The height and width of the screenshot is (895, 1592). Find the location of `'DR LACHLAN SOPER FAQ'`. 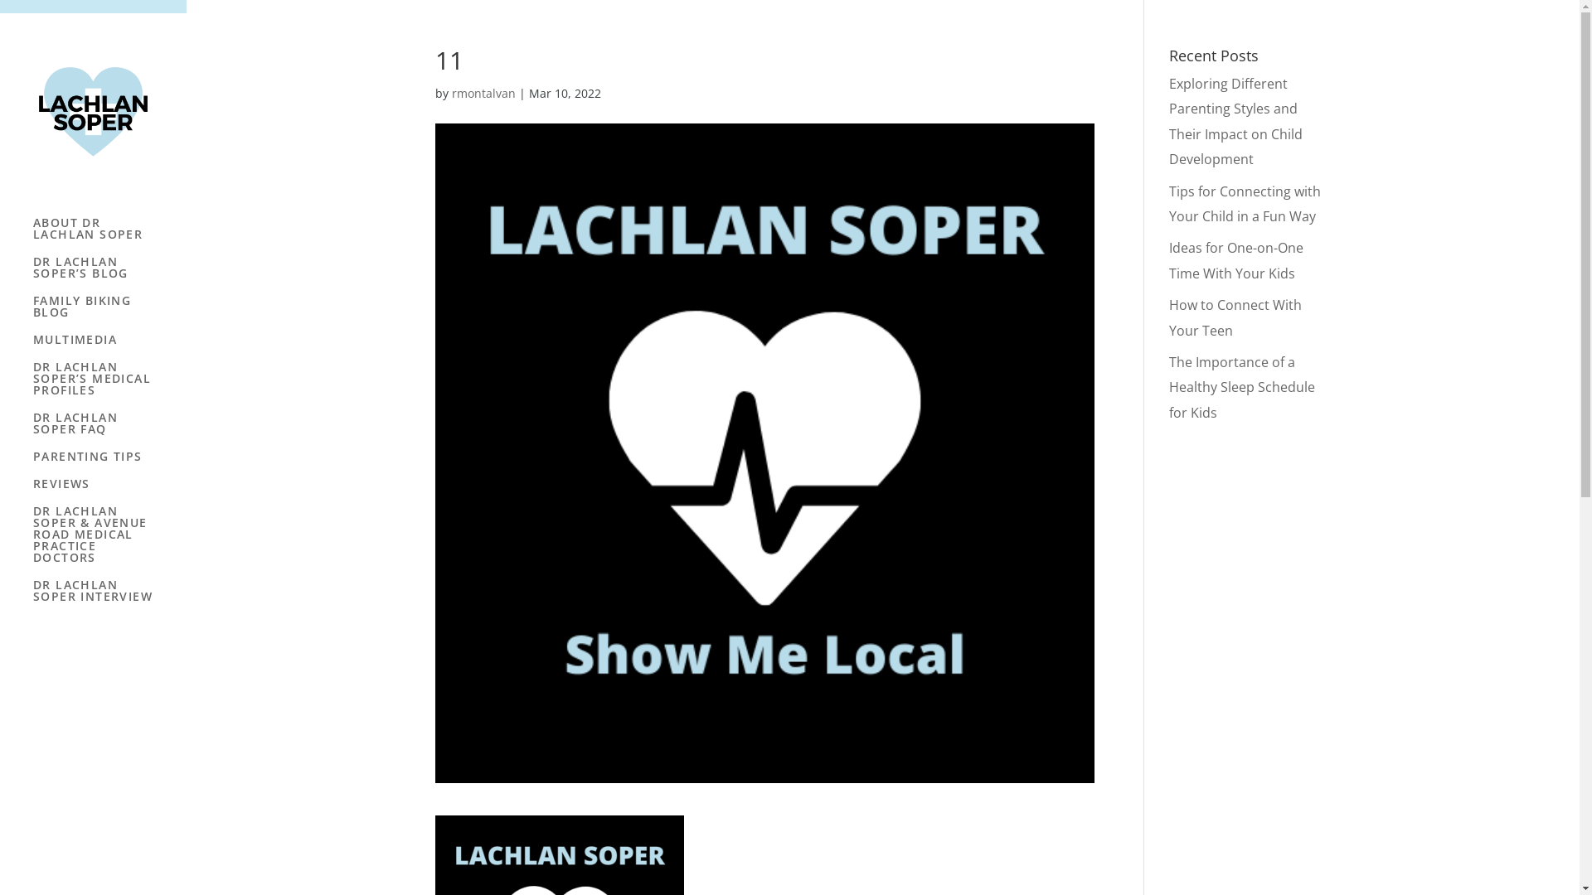

'DR LACHLAN SOPER FAQ' is located at coordinates (32, 430).